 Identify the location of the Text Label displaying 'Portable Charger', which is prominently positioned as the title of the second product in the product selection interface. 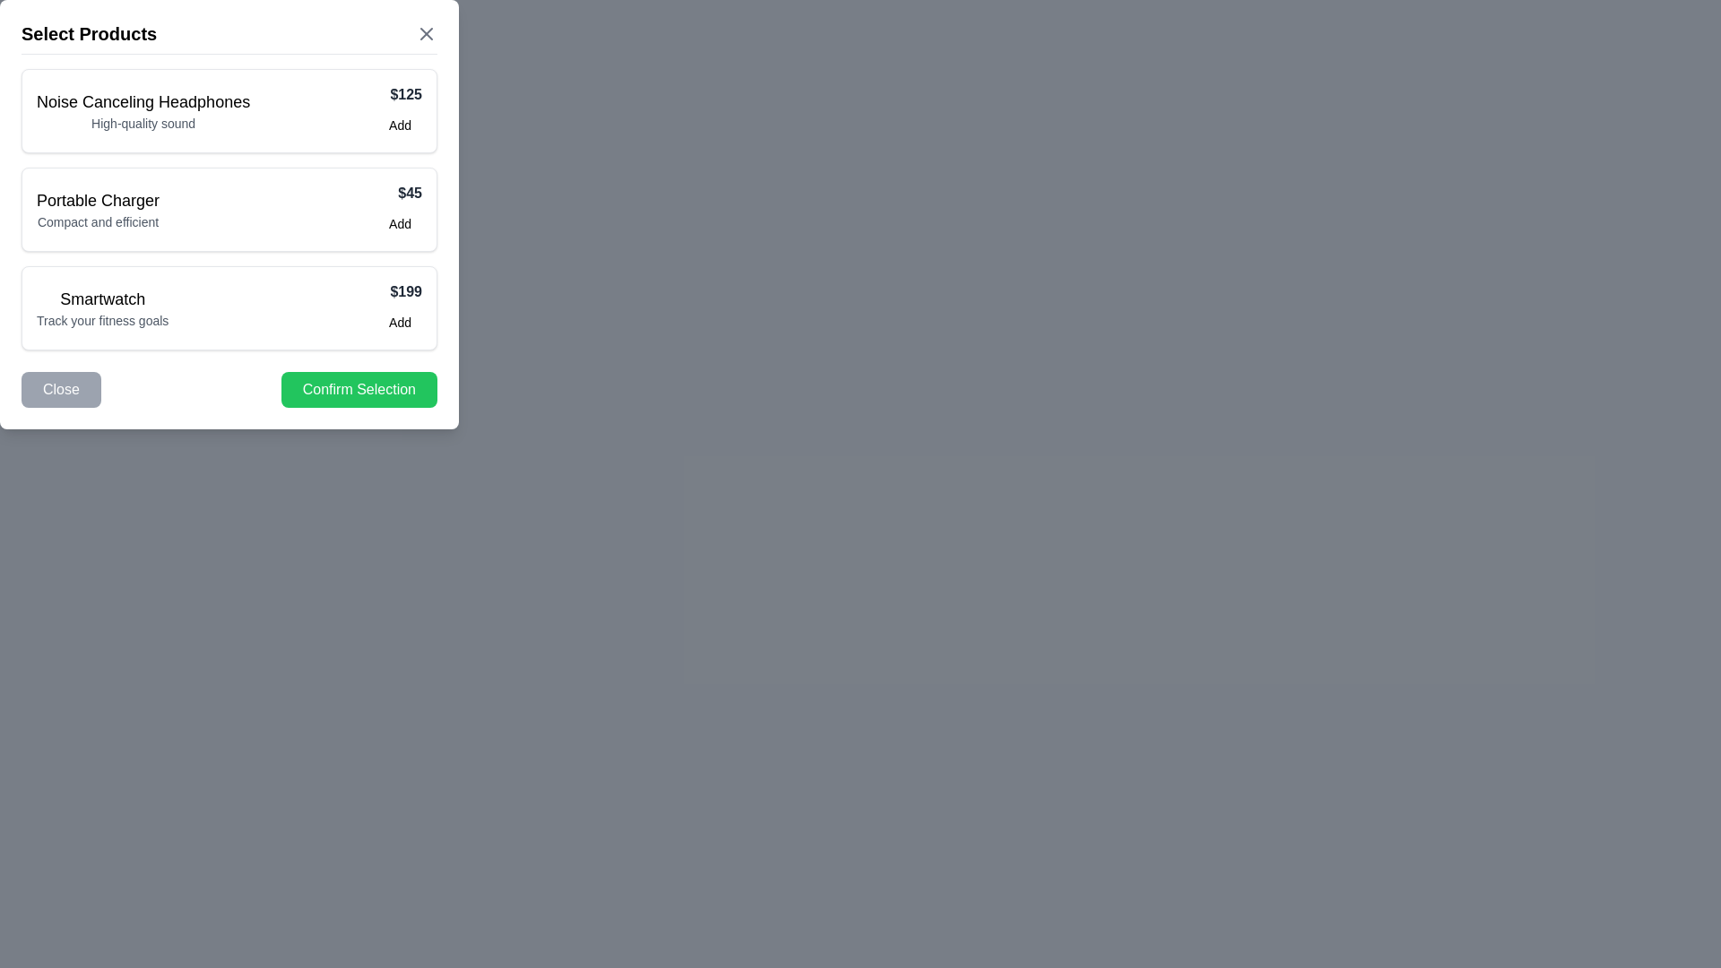
(97, 200).